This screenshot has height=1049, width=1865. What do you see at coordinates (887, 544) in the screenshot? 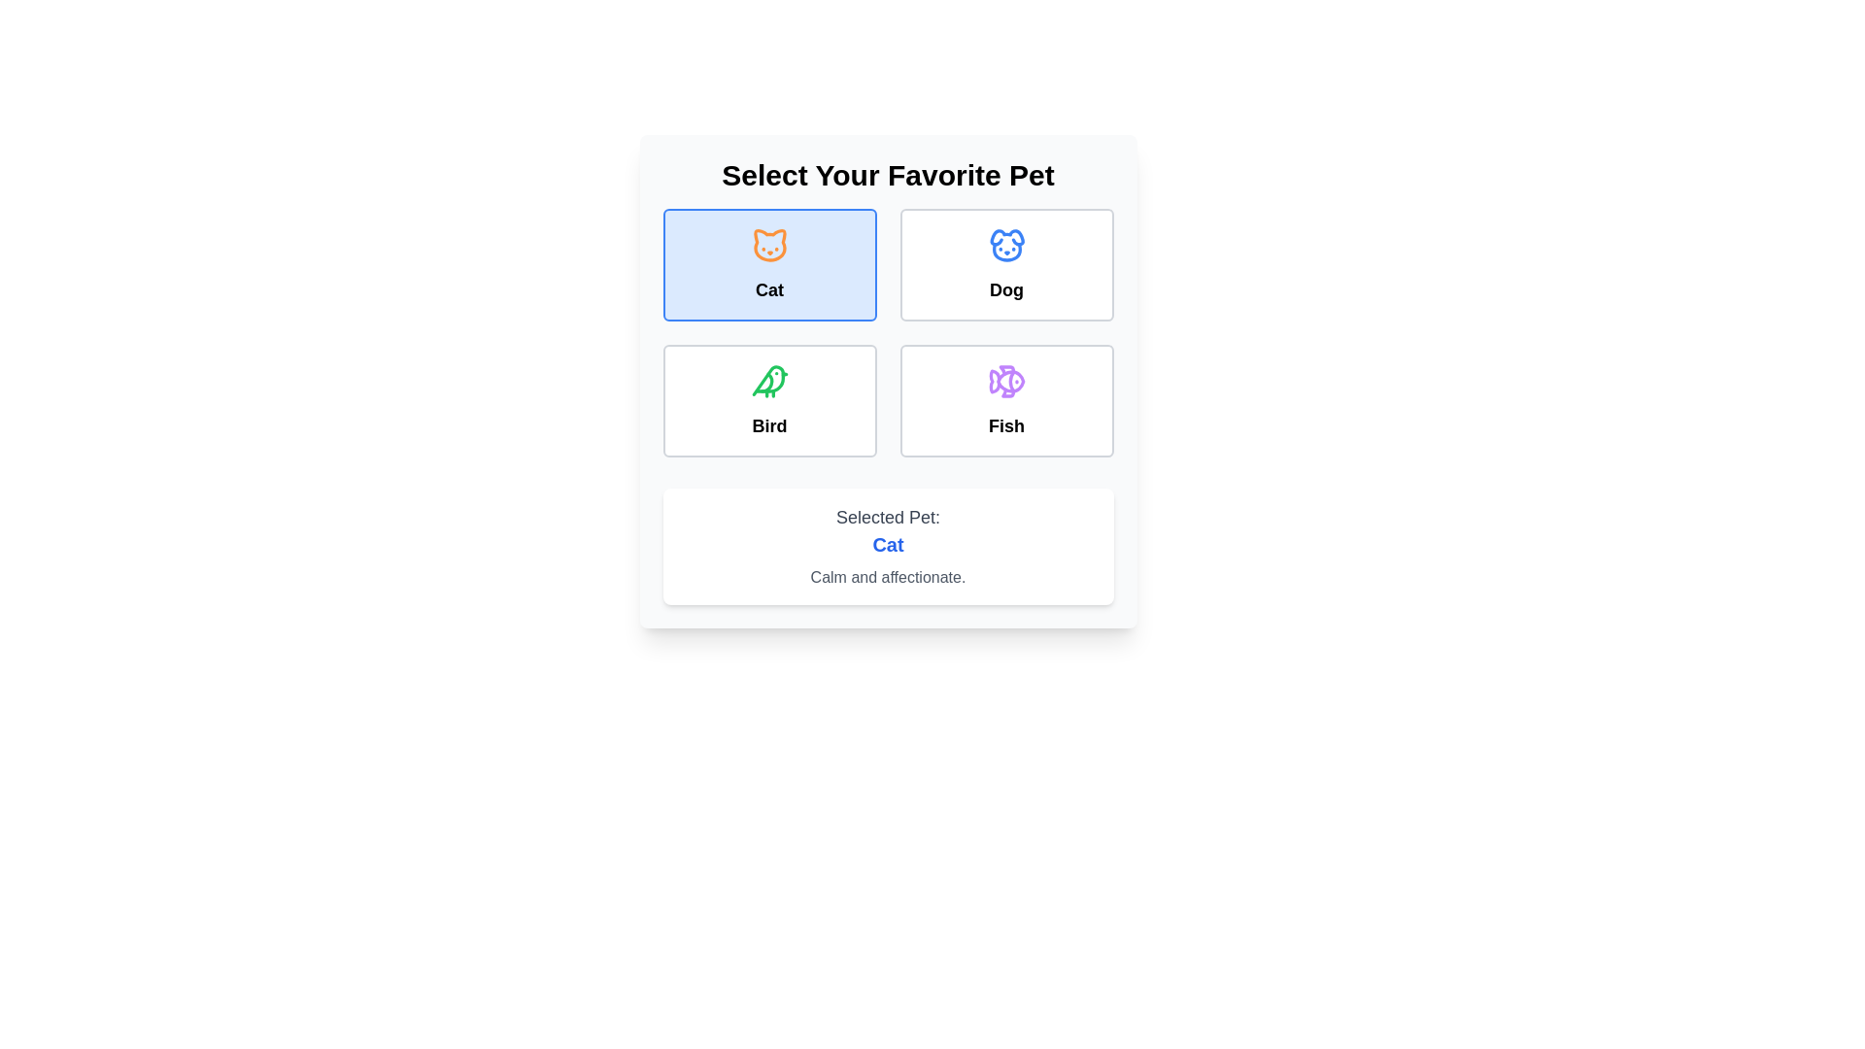
I see `text displayed in the label indicating the currently selected pet option, which is located below 'Selected Pet:' and above 'Calm and affectionate.'` at bounding box center [887, 544].